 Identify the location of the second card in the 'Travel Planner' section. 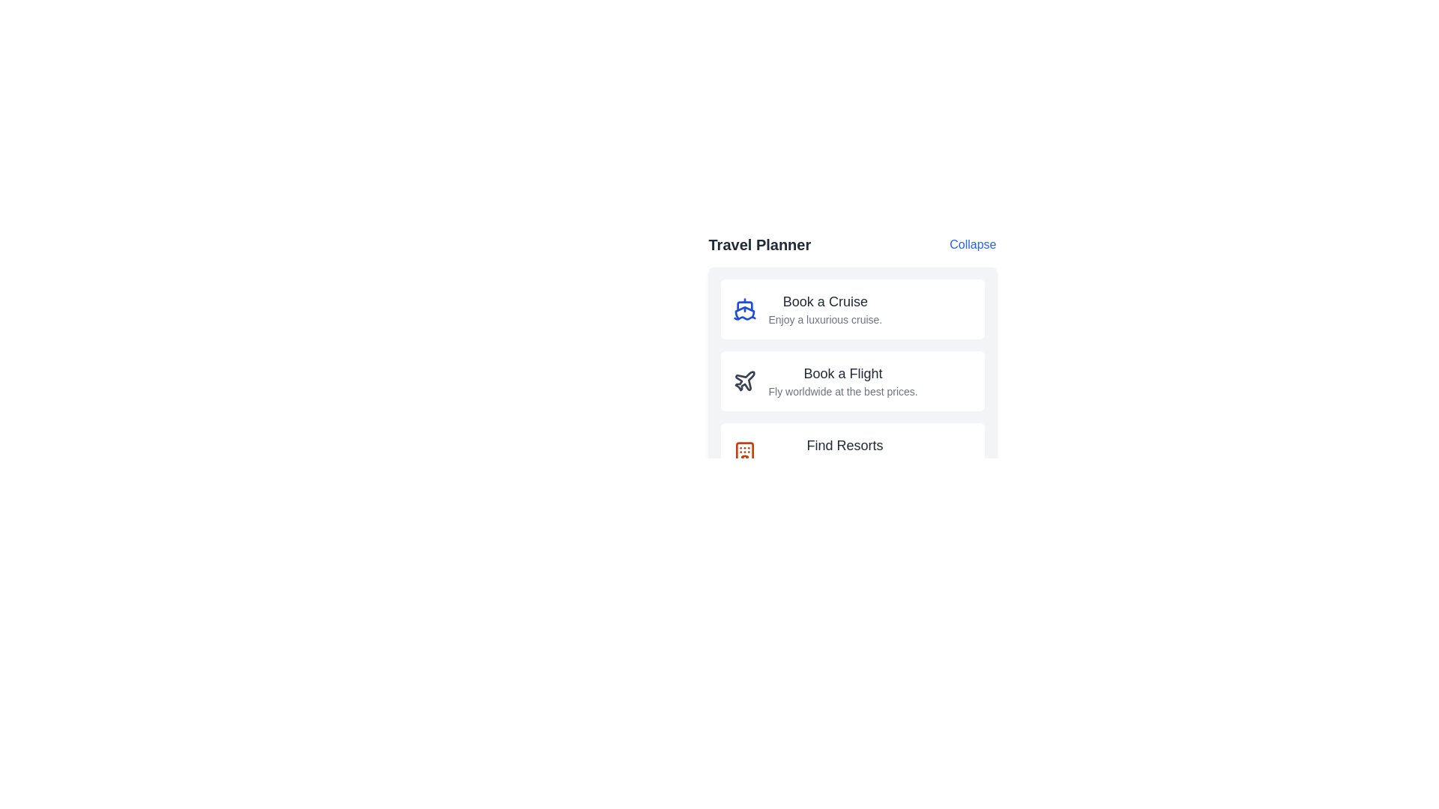
(852, 381).